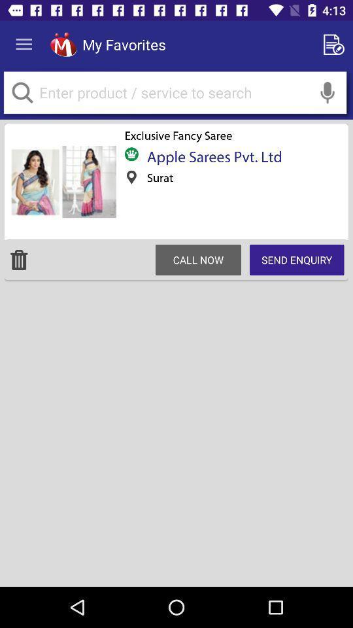 The image size is (353, 628). I want to click on the search icon, so click(22, 92).